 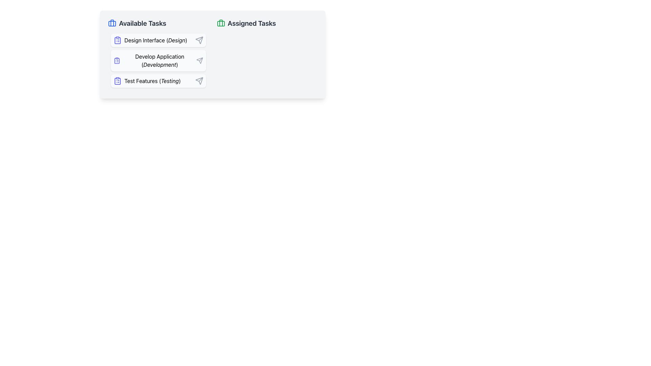 I want to click on the clipboard icon located in the second icon of the first list item under 'Available Tasks', specifically for the item 'Design Interface (Design)', so click(x=117, y=40).